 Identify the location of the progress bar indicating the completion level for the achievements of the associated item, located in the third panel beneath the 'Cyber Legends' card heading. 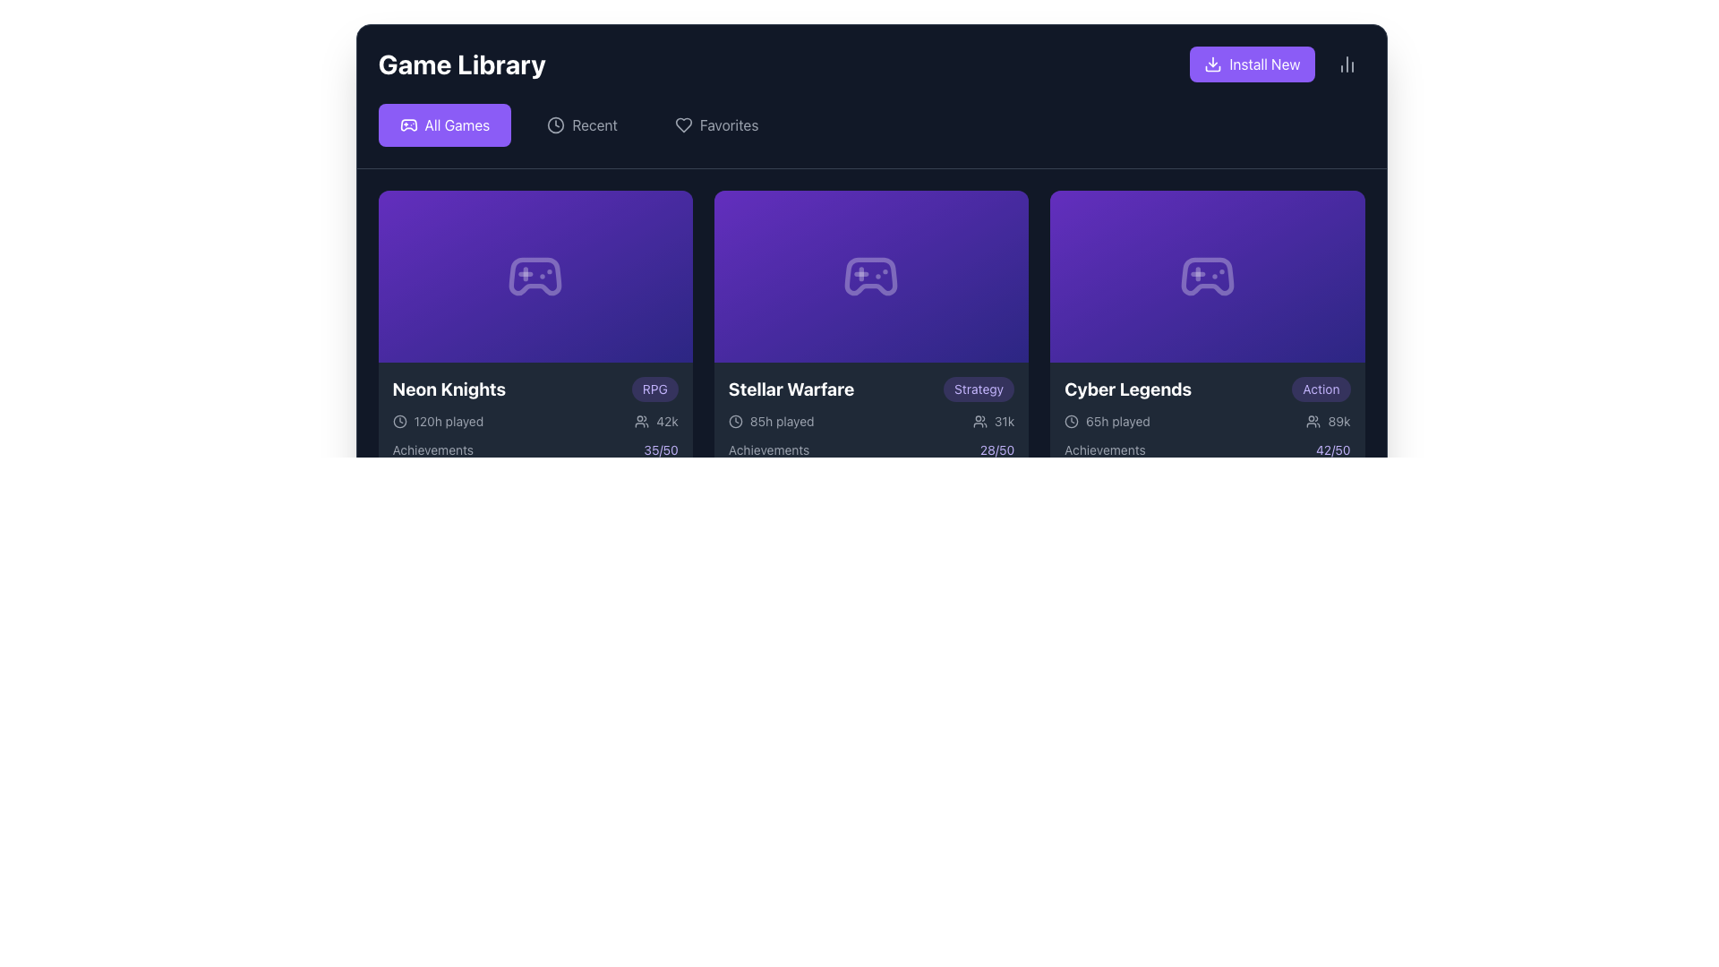
(1207, 456).